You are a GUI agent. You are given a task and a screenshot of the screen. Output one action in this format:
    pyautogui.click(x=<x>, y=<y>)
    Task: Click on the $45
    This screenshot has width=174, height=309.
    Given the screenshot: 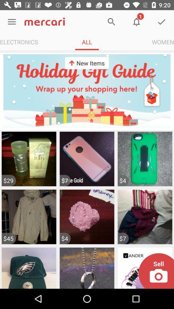 What is the action you would take?
    pyautogui.click(x=8, y=238)
    